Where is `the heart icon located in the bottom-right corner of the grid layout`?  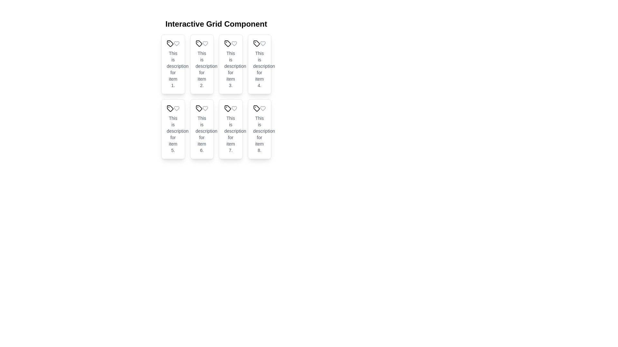
the heart icon located in the bottom-right corner of the grid layout is located at coordinates (263, 108).